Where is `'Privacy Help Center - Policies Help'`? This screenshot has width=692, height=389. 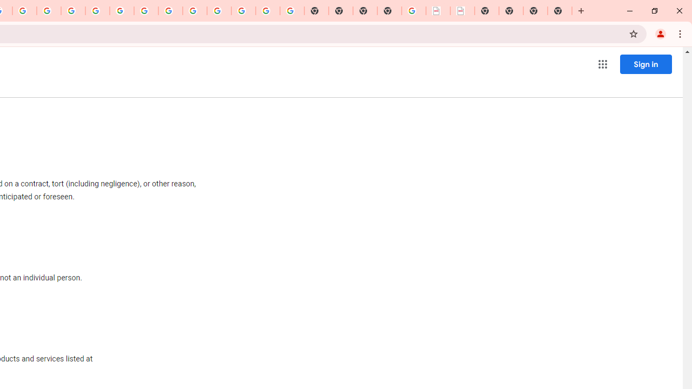 'Privacy Help Center - Policies Help' is located at coordinates (48, 11).